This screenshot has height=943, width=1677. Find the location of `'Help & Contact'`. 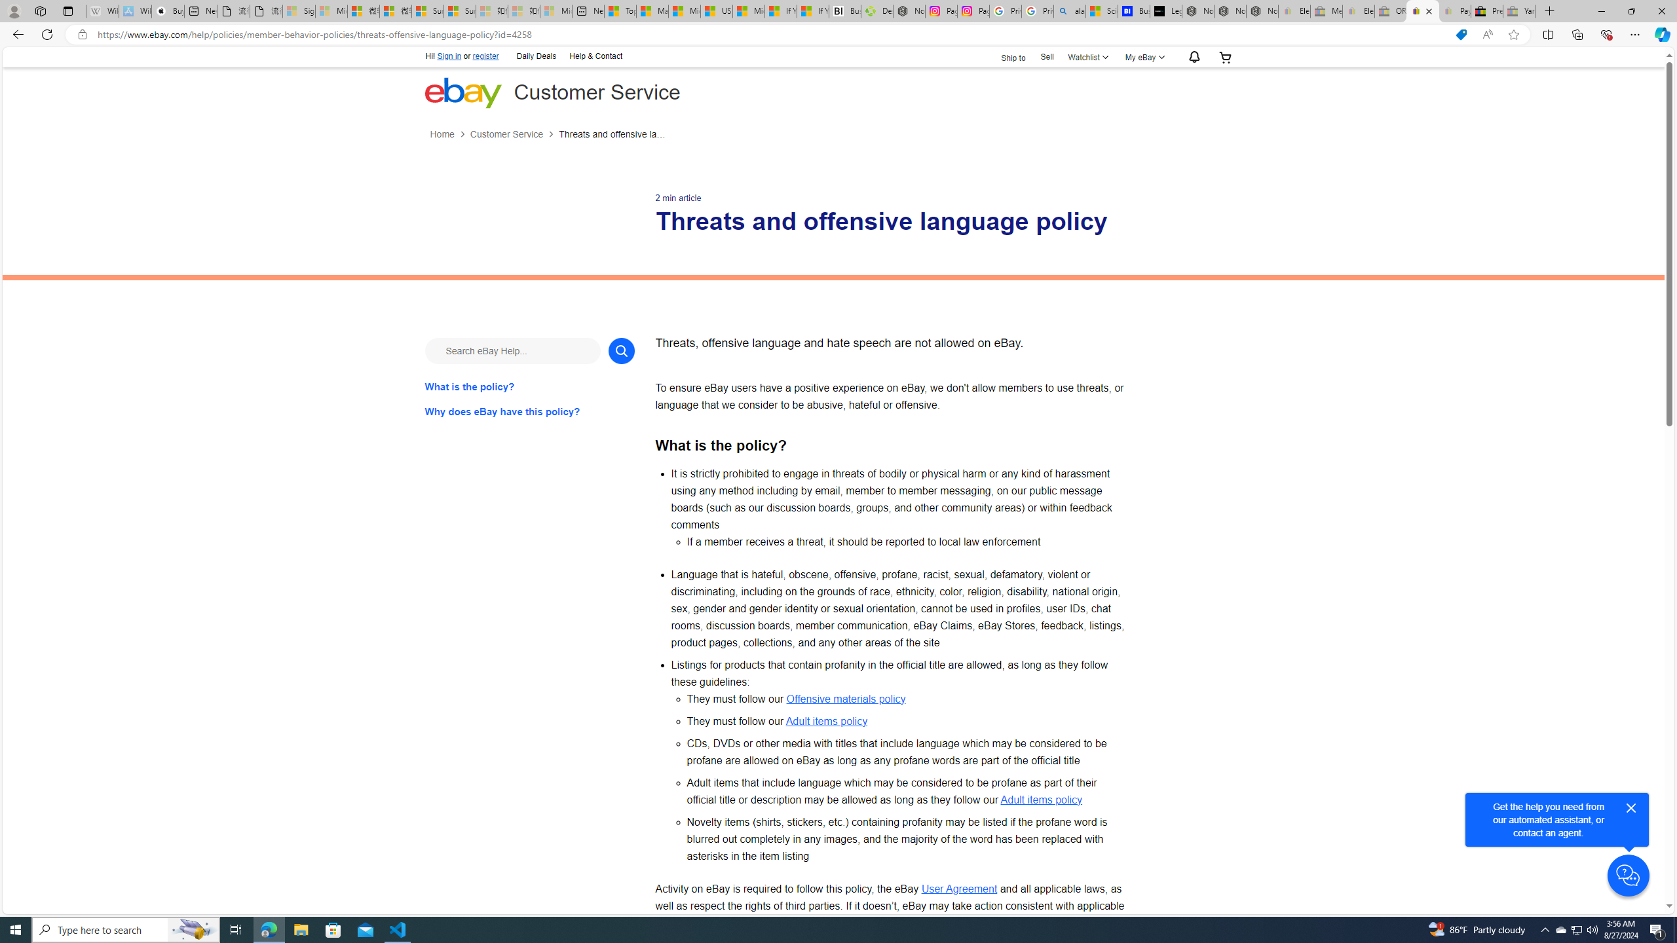

'Help & Contact' is located at coordinates (595, 57).